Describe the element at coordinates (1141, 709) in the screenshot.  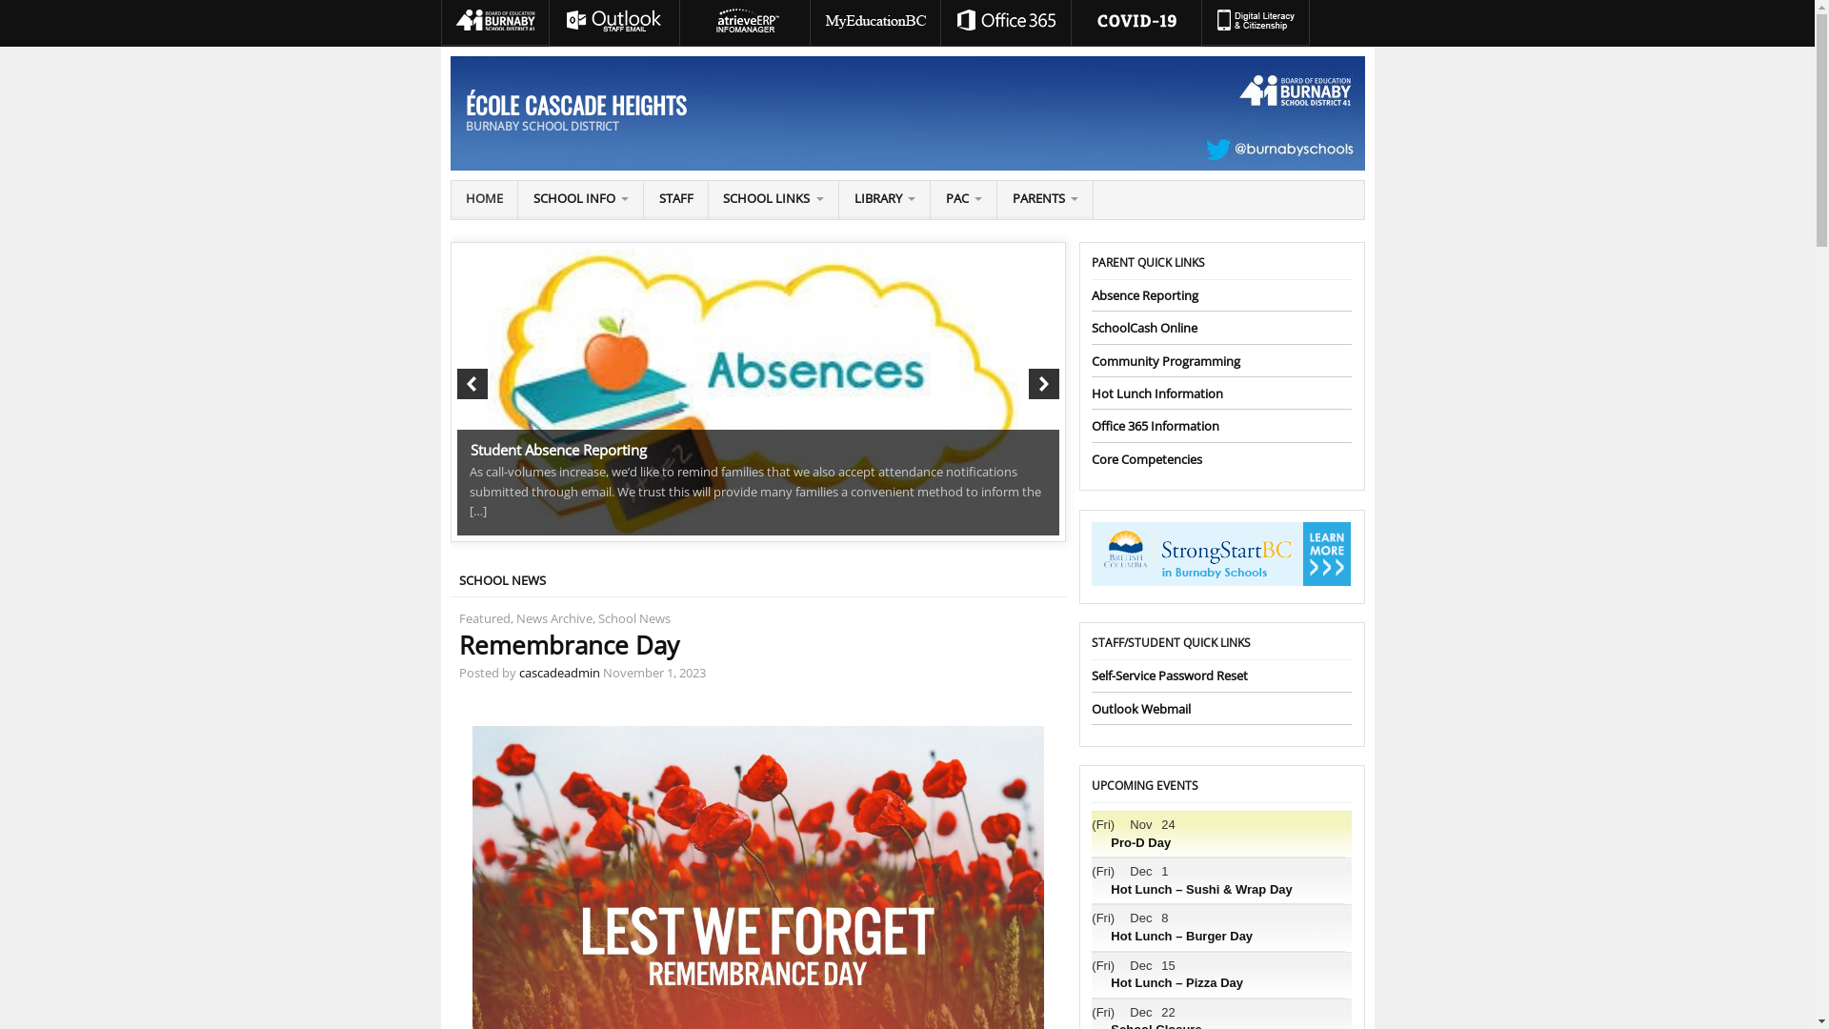
I see `'Outlook Webmail'` at that location.